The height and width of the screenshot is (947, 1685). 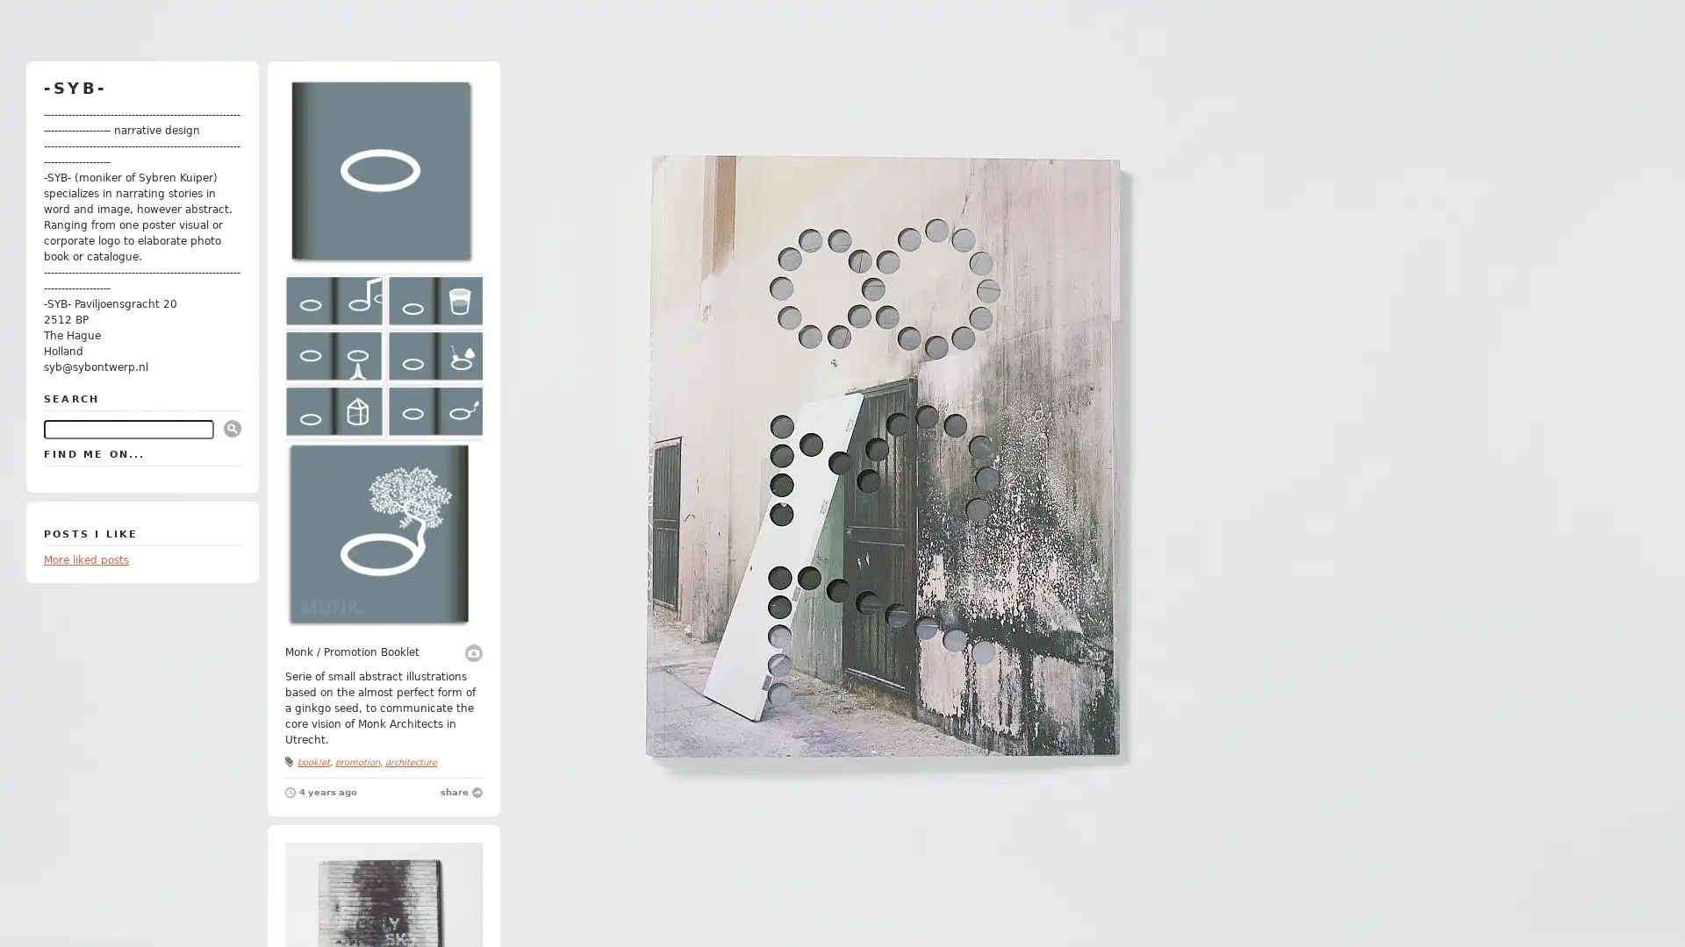 I want to click on Submit, so click(x=231, y=429).